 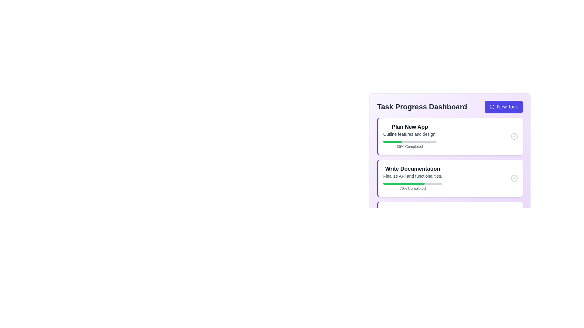 What do you see at coordinates (514, 136) in the screenshot?
I see `the circular icon with a checkmark located at the top-right corner of the 'Plan New App' card to mark the task as completed` at bounding box center [514, 136].